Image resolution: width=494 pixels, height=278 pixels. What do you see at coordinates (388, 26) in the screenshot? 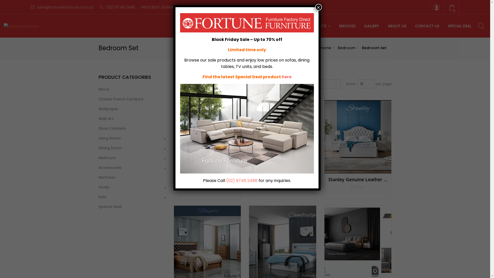
I see `'ABOUT US'` at bounding box center [388, 26].